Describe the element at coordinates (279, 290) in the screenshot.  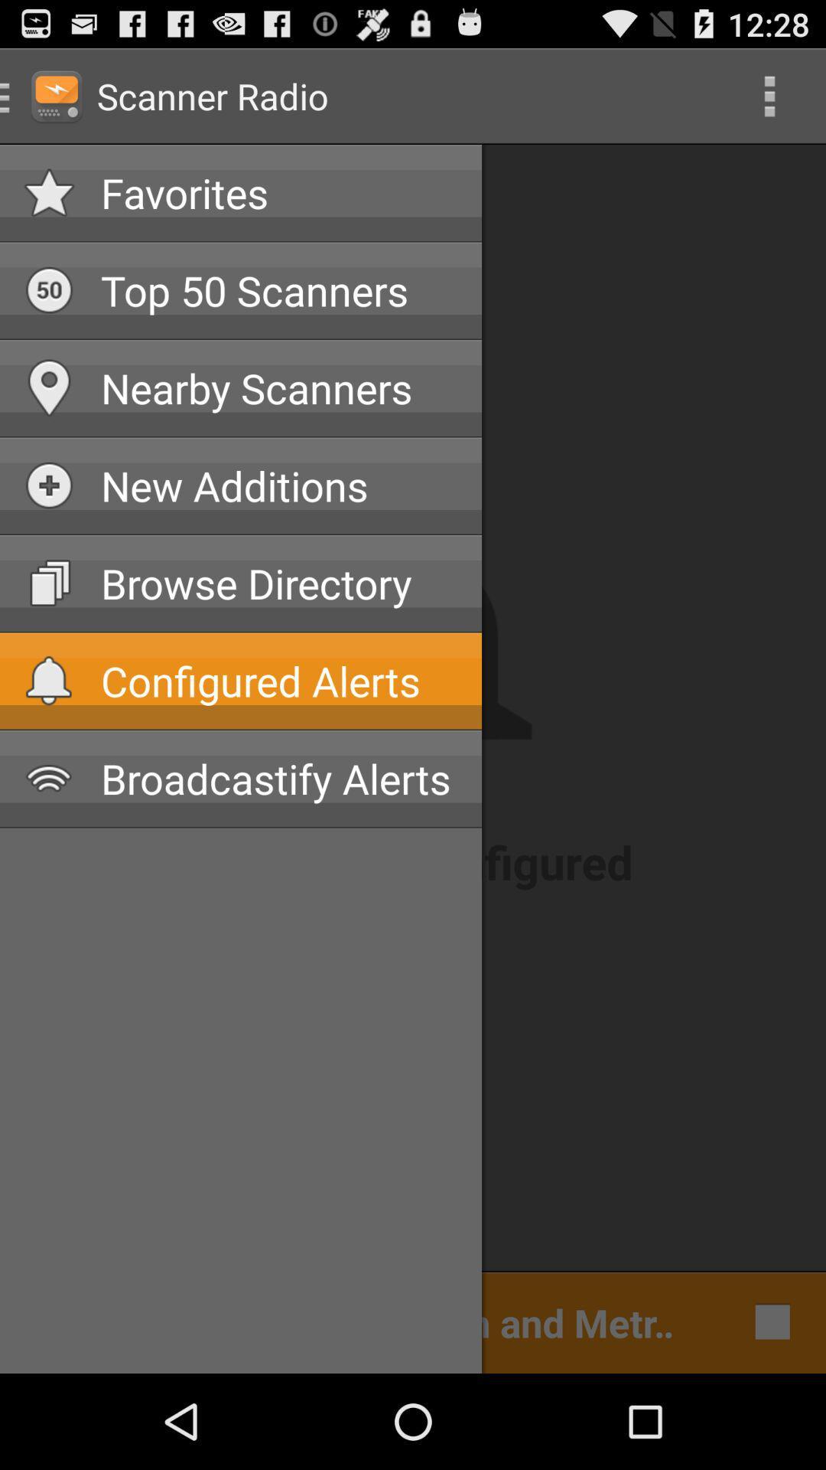
I see `top 50 scanners item` at that location.